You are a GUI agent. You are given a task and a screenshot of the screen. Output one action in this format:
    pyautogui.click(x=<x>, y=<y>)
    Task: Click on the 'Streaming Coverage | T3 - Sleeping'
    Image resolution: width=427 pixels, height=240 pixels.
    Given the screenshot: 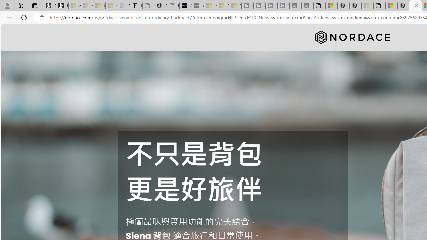 What is the action you would take?
    pyautogui.click(x=247, y=6)
    